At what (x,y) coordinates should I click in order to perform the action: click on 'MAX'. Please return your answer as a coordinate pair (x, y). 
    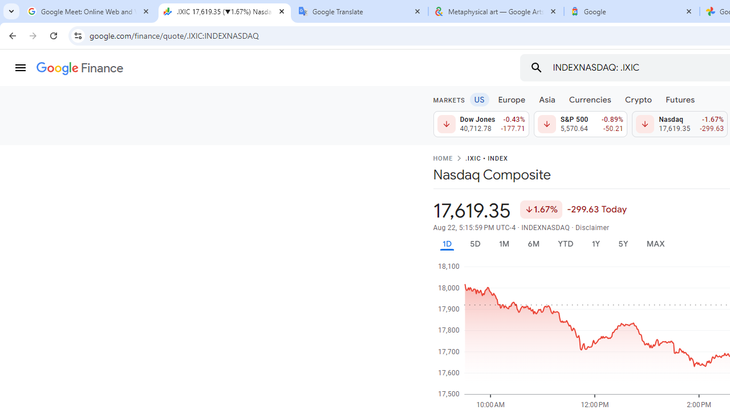
    Looking at the image, I should click on (655, 243).